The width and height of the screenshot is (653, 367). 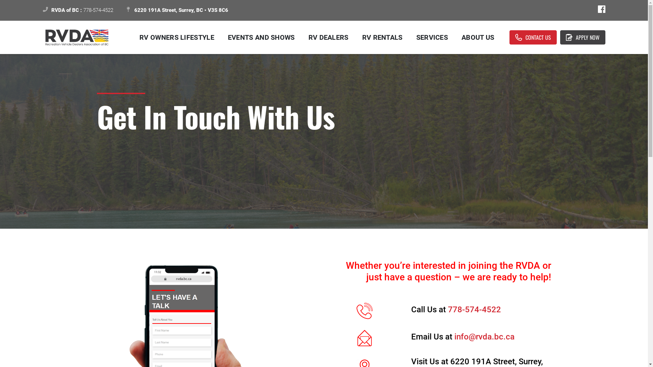 I want to click on 'RV OWNERS LIFESTYLE', so click(x=177, y=37).